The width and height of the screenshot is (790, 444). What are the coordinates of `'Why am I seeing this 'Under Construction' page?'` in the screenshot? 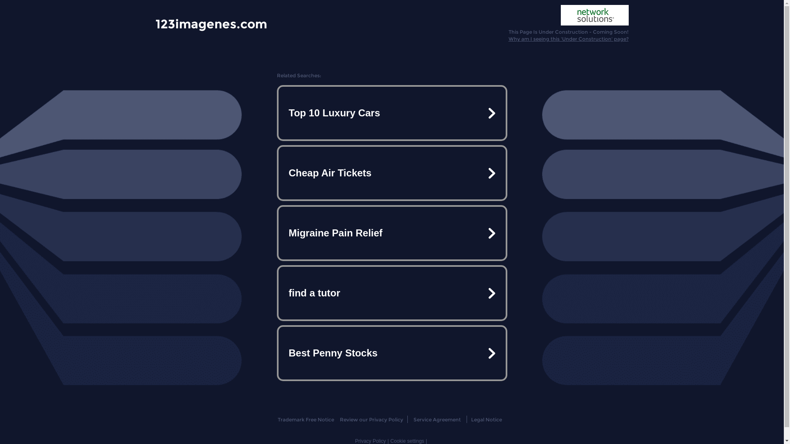 It's located at (568, 39).